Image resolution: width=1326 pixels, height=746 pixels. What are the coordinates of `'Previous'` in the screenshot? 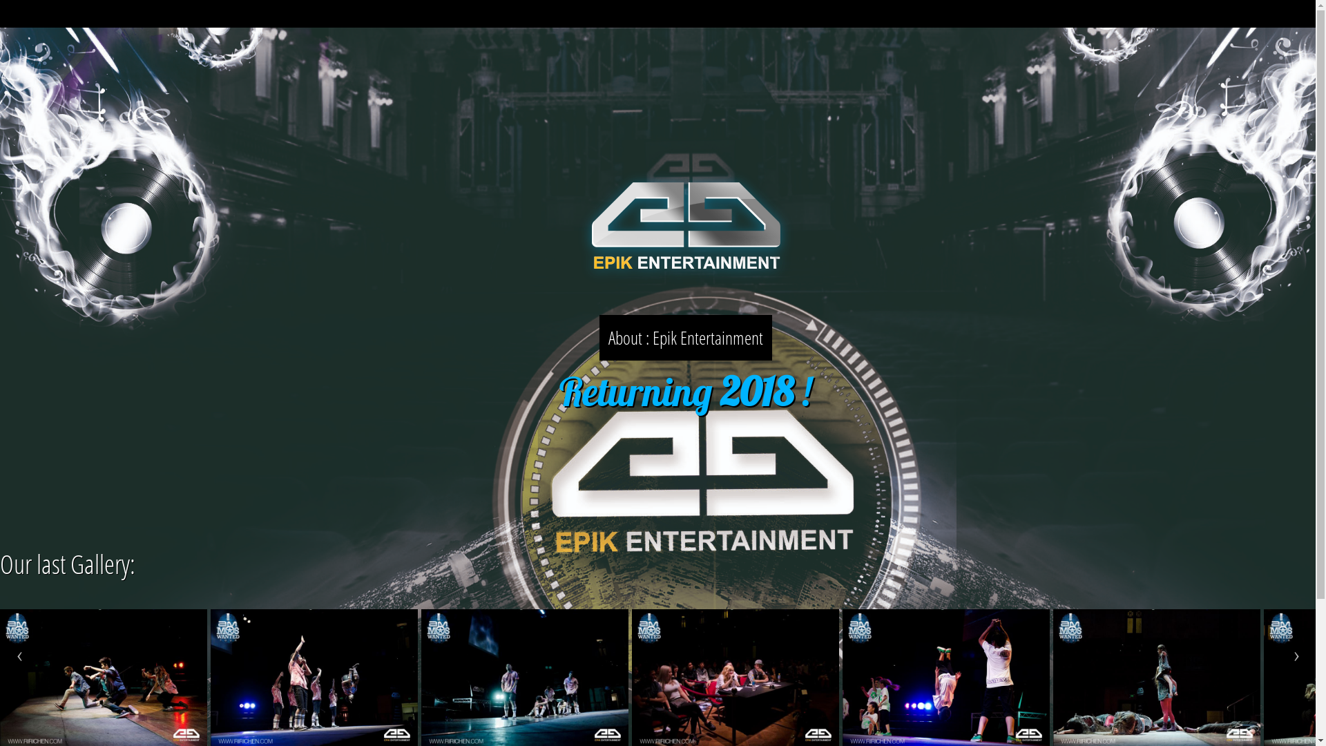 It's located at (19, 656).